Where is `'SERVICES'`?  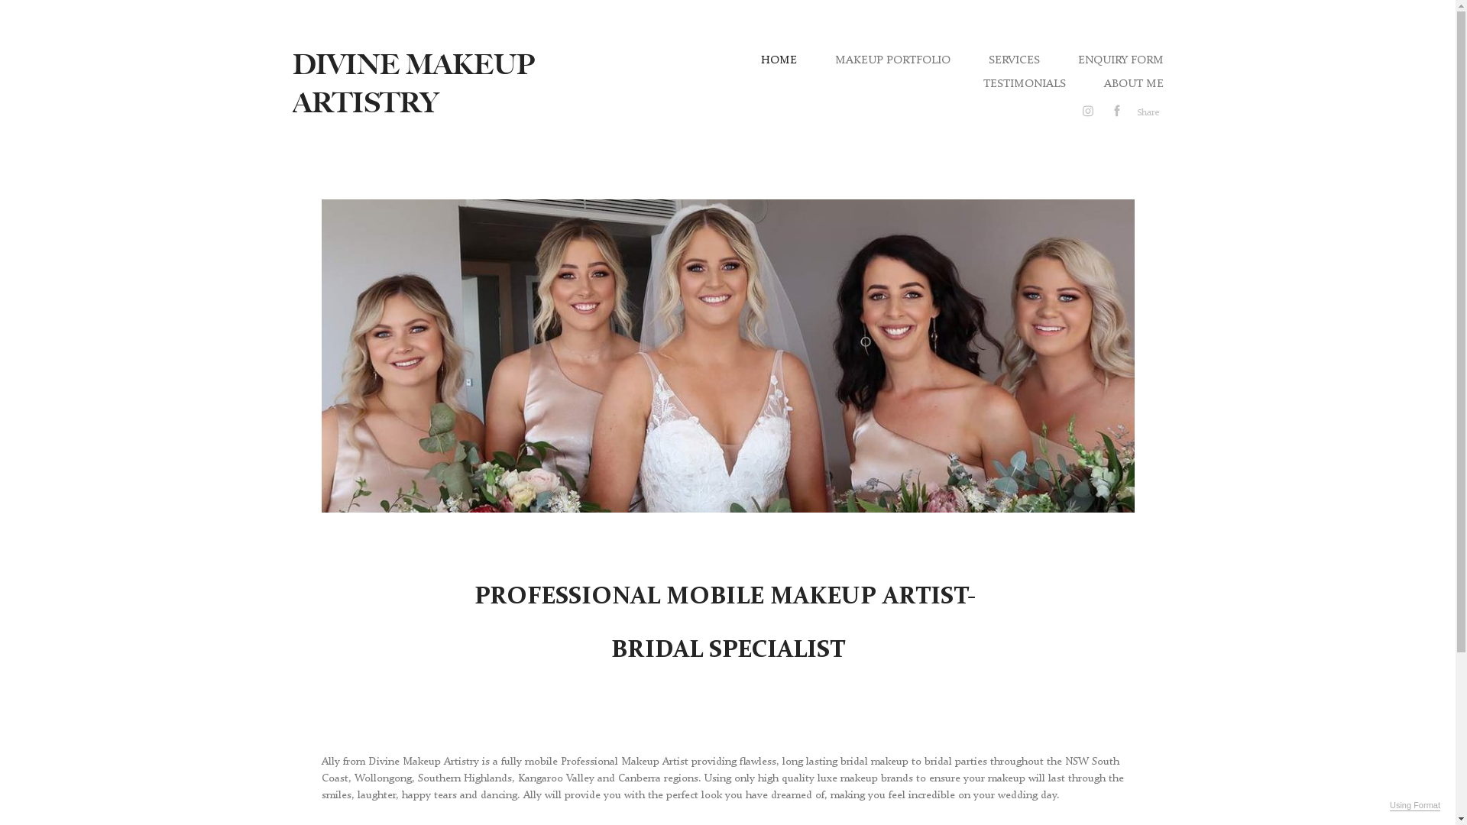 'SERVICES' is located at coordinates (1014, 58).